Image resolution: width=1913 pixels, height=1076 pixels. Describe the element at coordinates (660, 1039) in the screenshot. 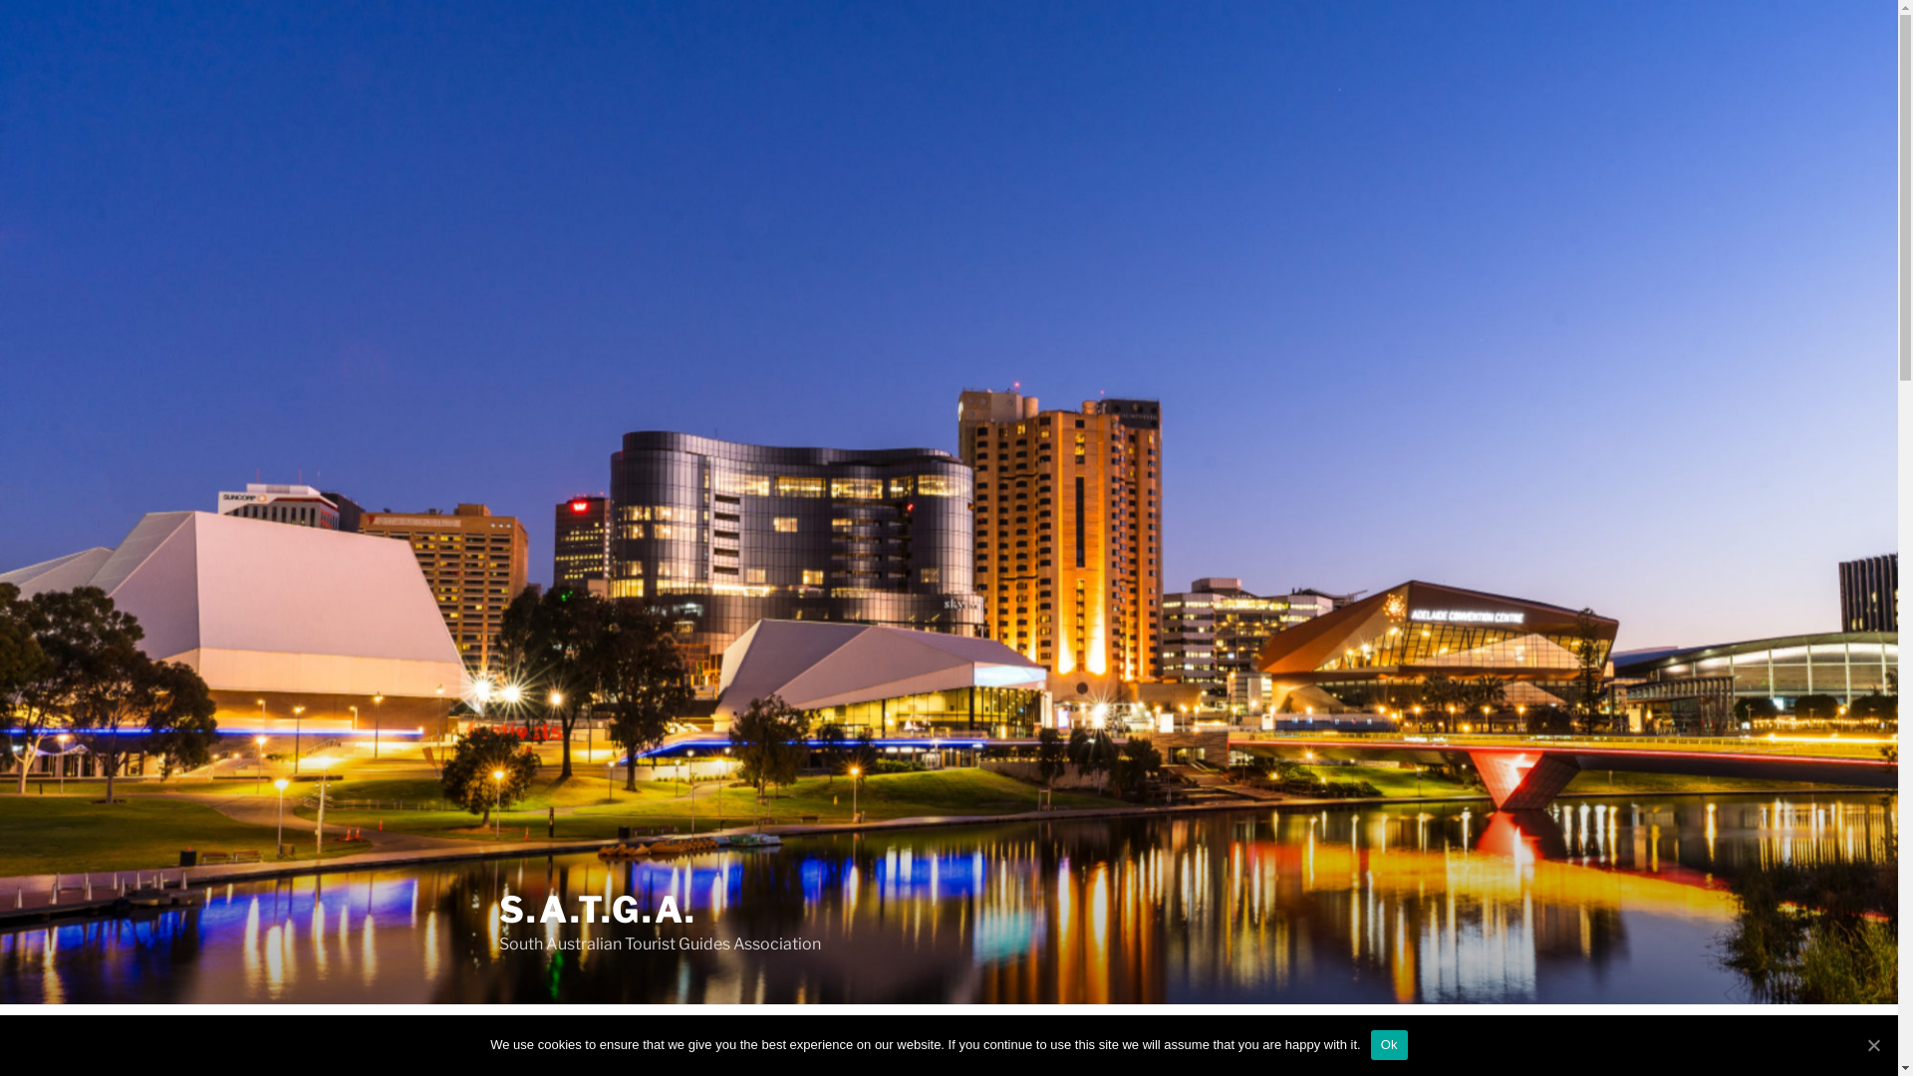

I see `'ABOUT SATGA'` at that location.